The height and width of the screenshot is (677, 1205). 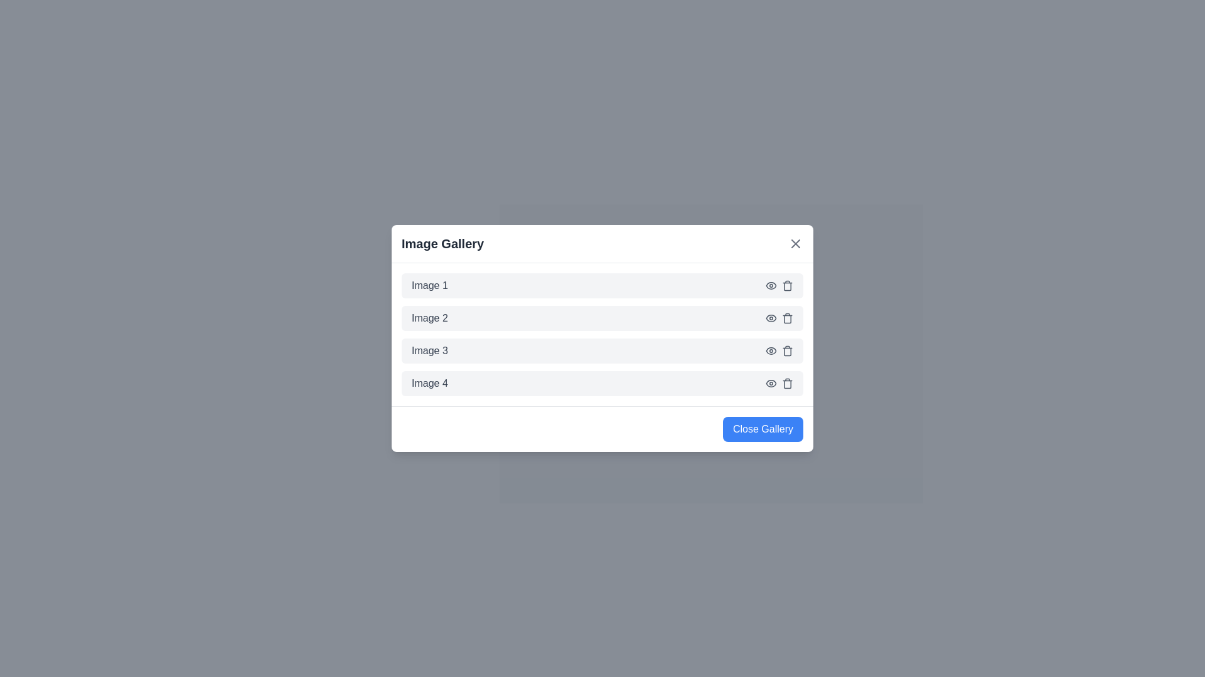 I want to click on the trash can icon button located at the rightmost position of the second row in the list, so click(x=786, y=318).